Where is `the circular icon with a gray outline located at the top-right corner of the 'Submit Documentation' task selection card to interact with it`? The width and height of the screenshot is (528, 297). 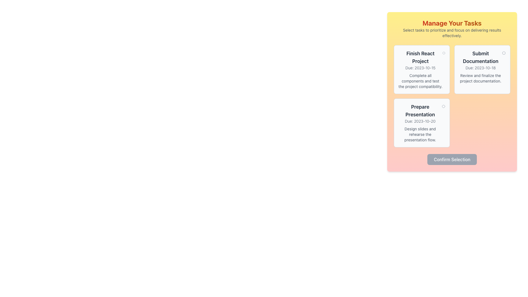
the circular icon with a gray outline located at the top-right corner of the 'Submit Documentation' task selection card to interact with it is located at coordinates (504, 53).